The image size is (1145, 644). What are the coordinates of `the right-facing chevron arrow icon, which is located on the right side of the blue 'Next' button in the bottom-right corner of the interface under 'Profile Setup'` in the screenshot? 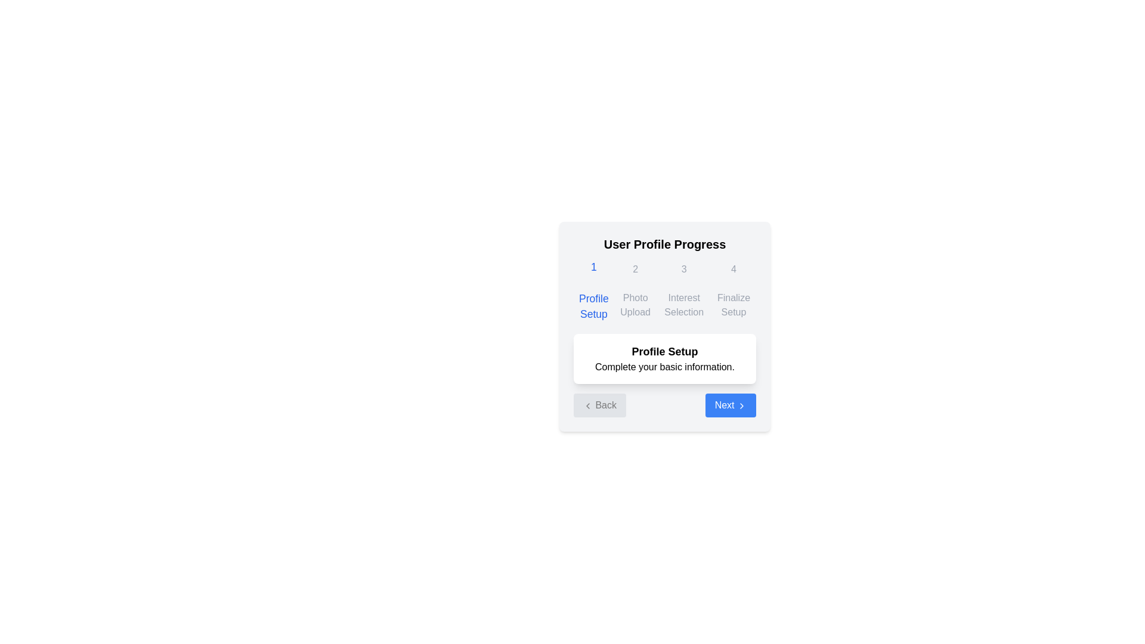 It's located at (741, 404).